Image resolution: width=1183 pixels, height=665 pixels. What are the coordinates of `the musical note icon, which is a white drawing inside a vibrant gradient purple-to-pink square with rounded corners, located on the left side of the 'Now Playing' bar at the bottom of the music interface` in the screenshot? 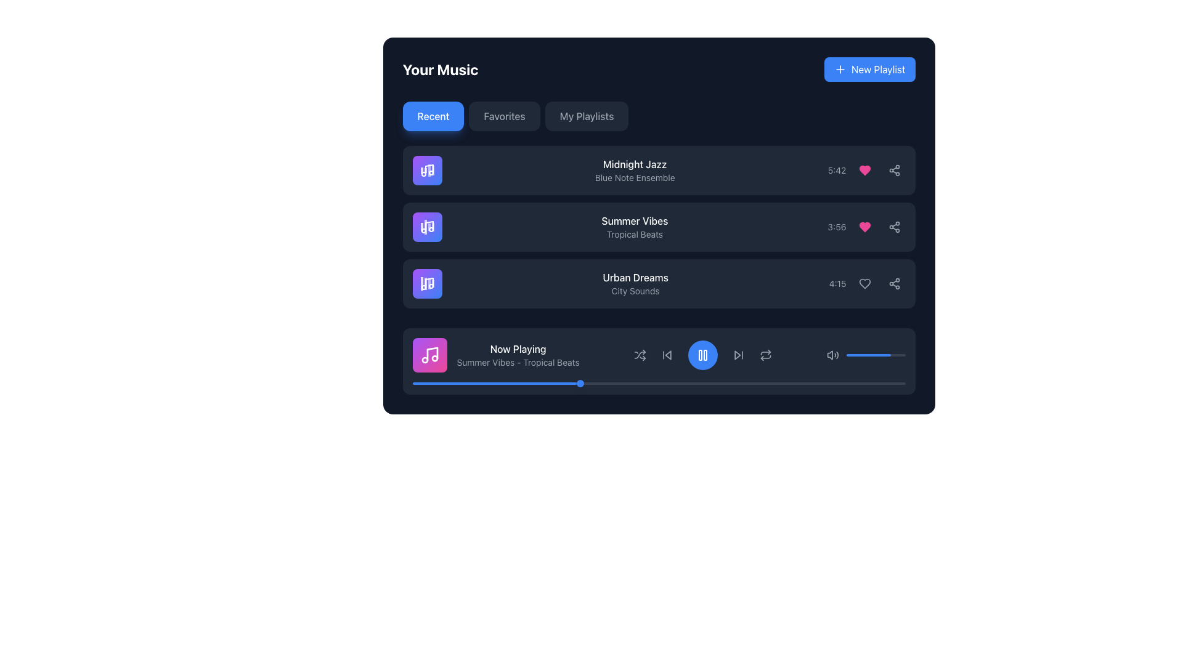 It's located at (429, 355).